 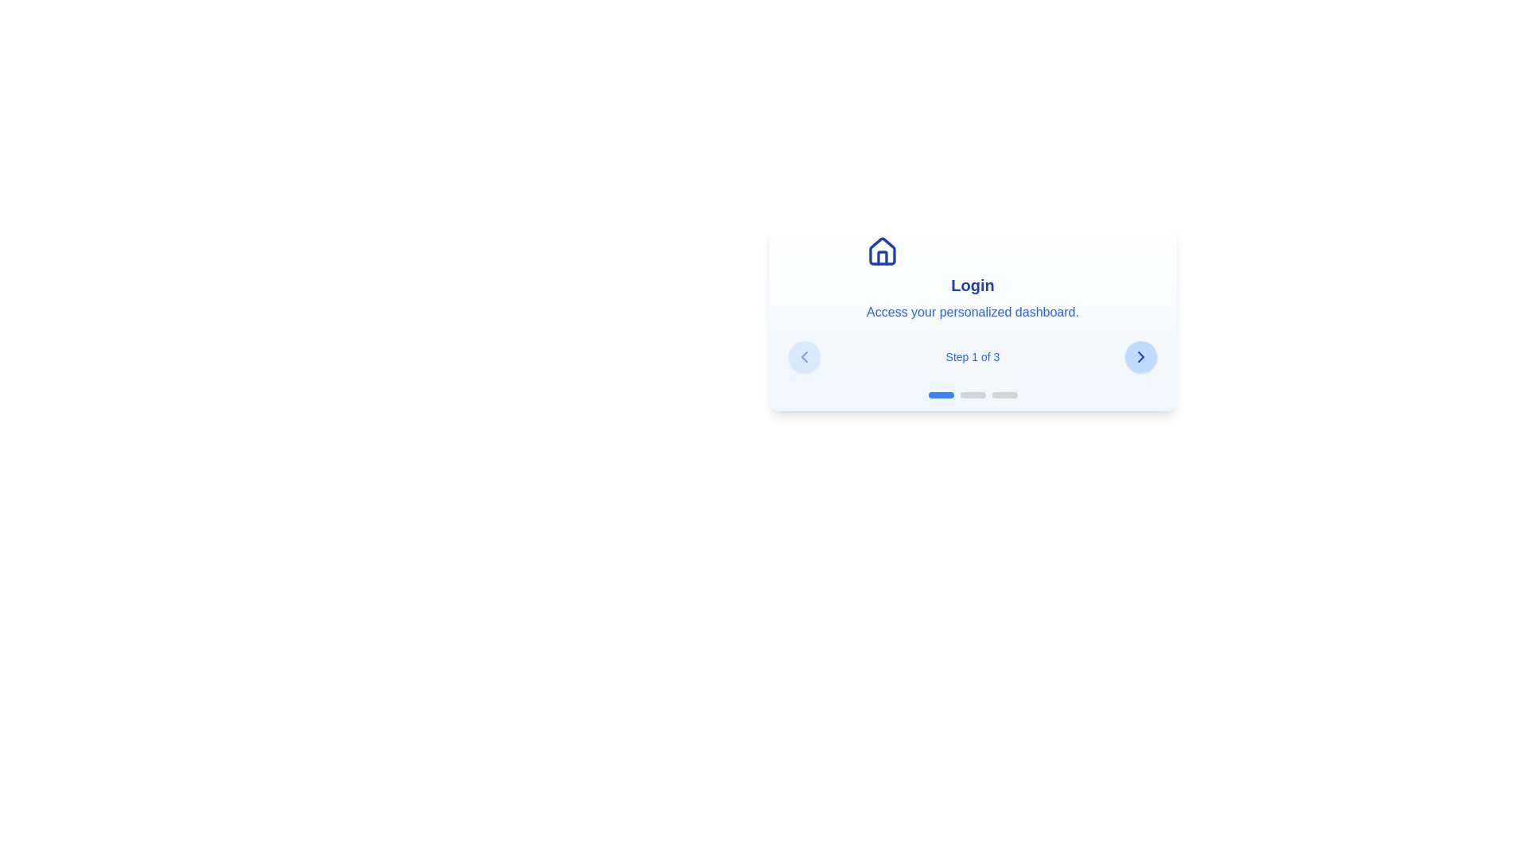 What do you see at coordinates (1140, 356) in the screenshot?
I see `the right arrow button to navigate to the next step` at bounding box center [1140, 356].